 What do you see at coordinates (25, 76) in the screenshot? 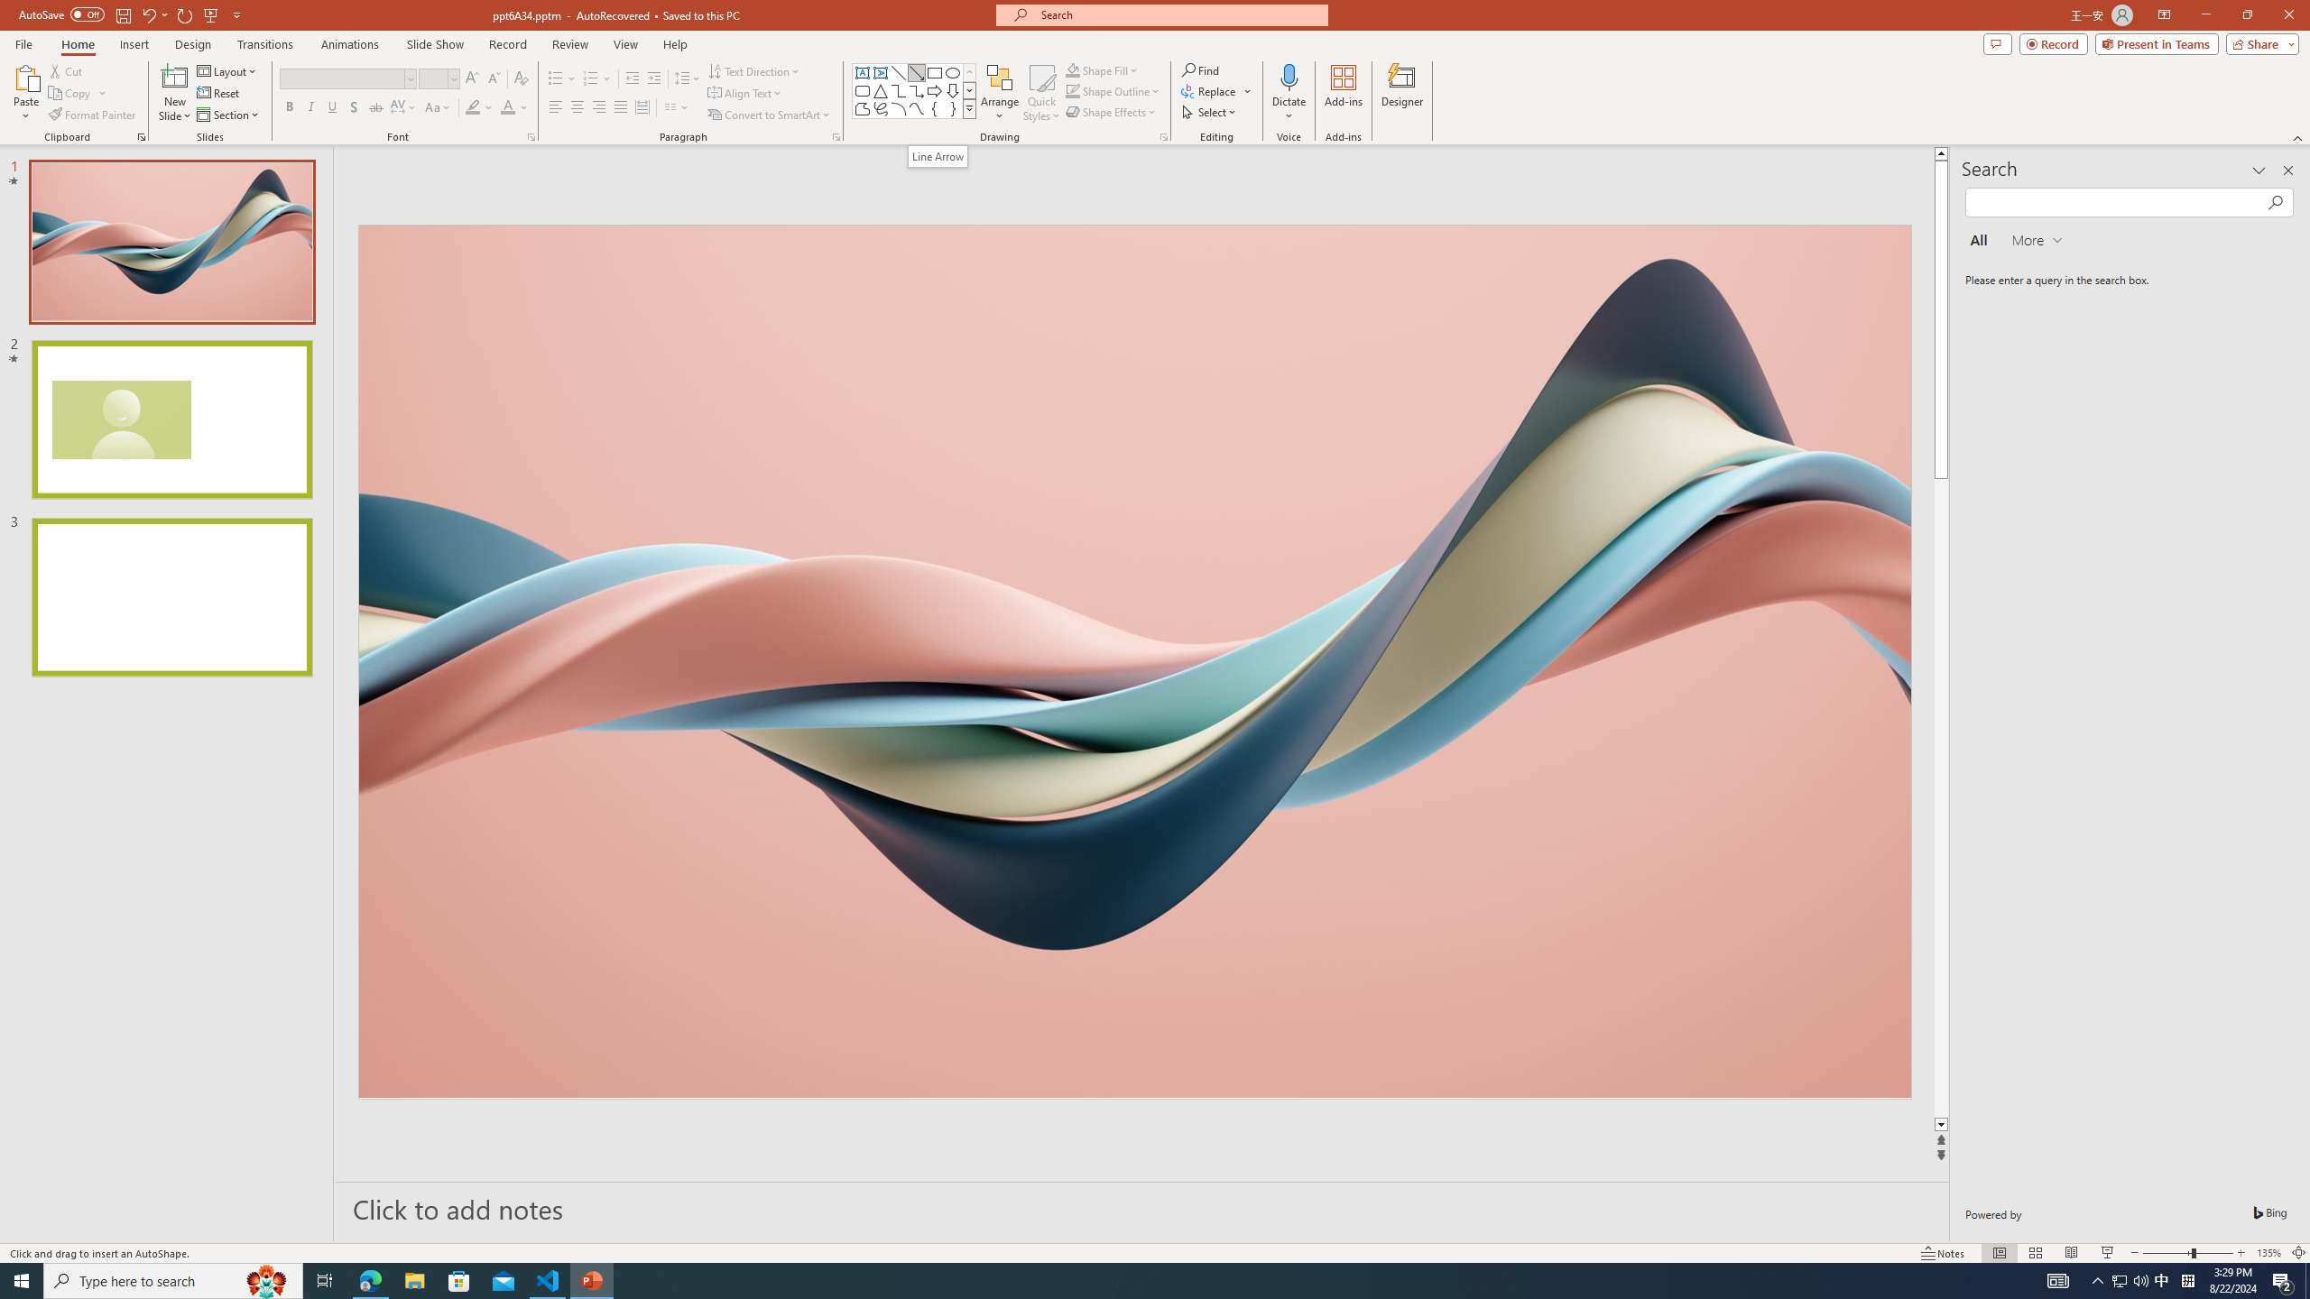
I see `'Paste'` at bounding box center [25, 76].